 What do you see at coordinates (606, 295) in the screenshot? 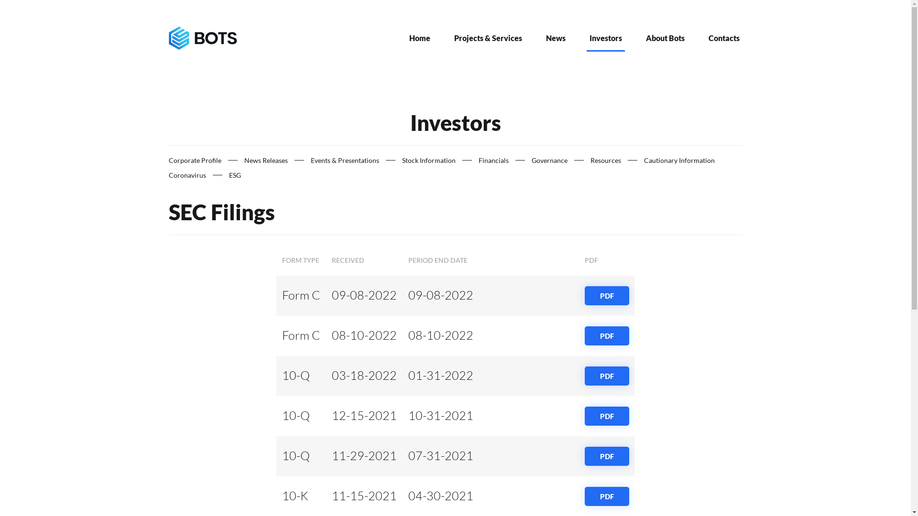
I see `'PDF'` at bounding box center [606, 295].